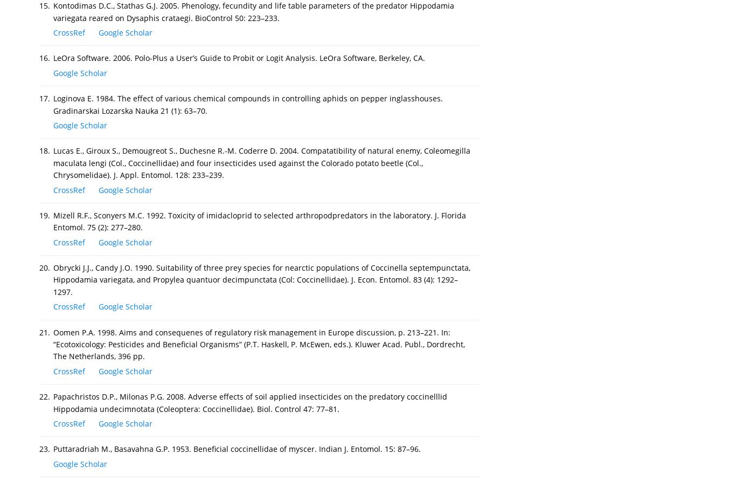  What do you see at coordinates (45, 58) in the screenshot?
I see `'16.'` at bounding box center [45, 58].